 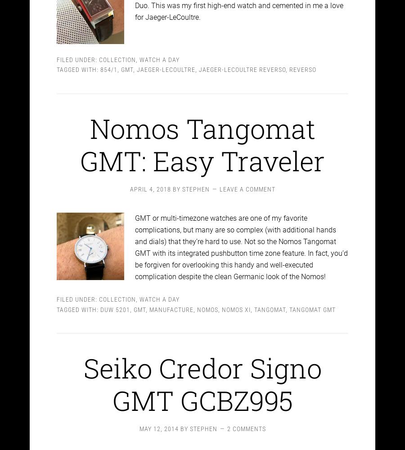 What do you see at coordinates (226, 421) in the screenshot?
I see `'2 Comments'` at bounding box center [226, 421].